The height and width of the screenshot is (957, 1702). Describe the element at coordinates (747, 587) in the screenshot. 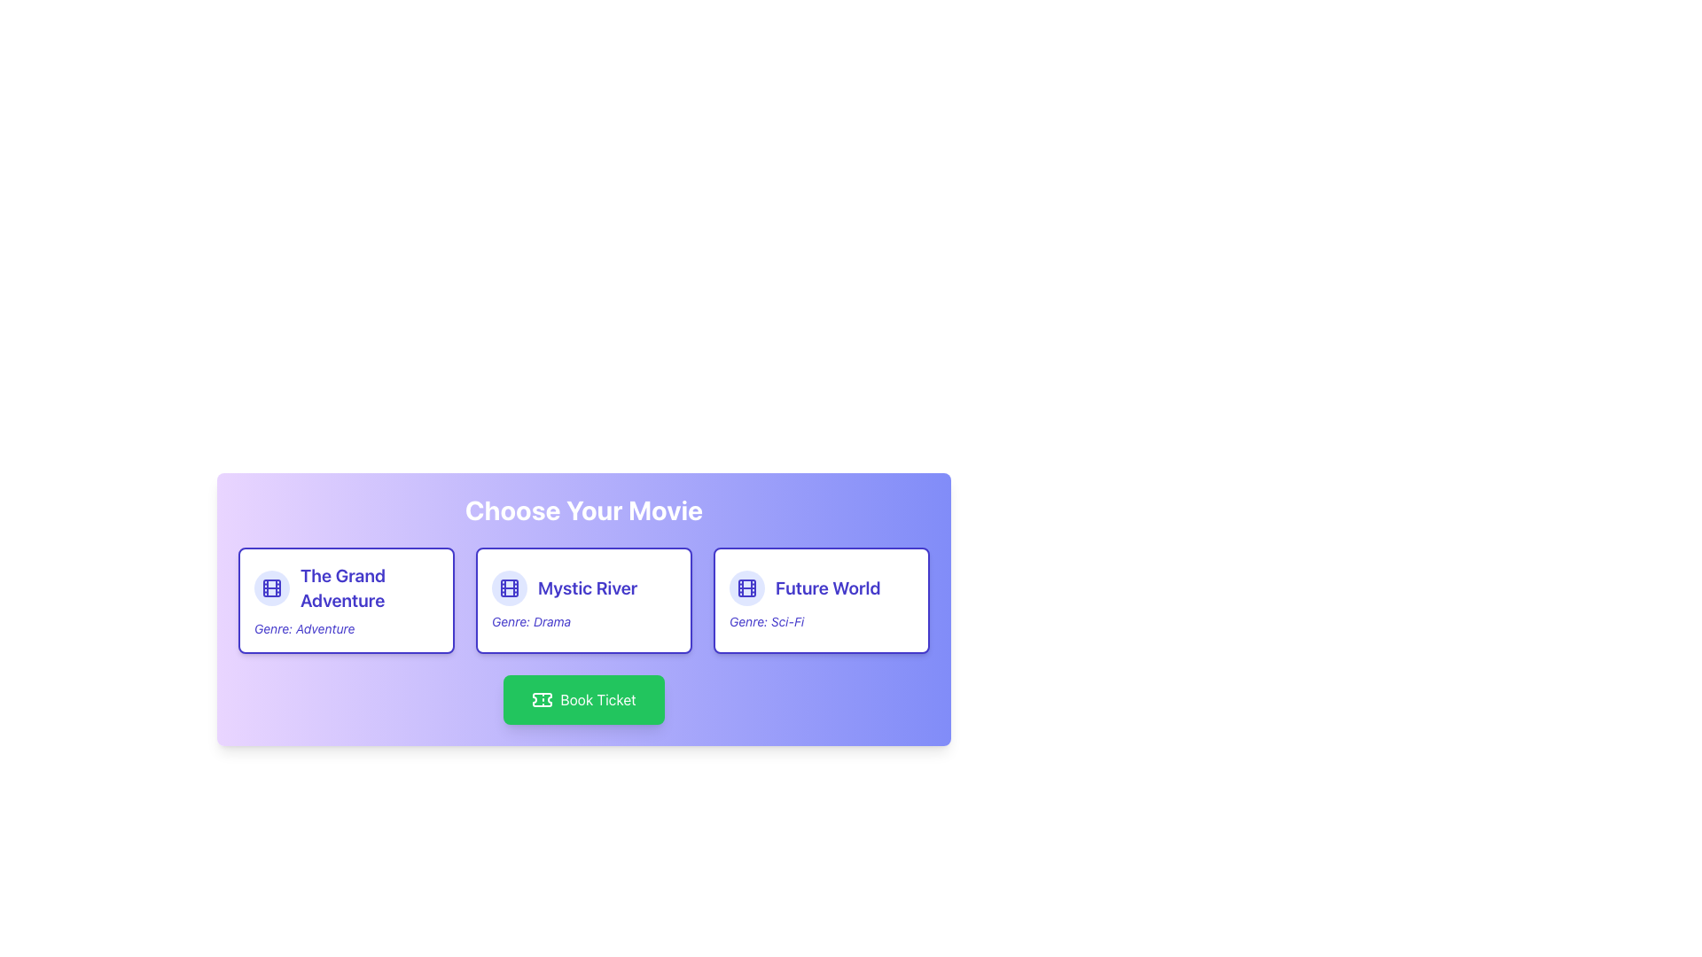

I see `the decorative element of the movie reel icon located under the 'Choose Your Movie' section, specifically the top-left rectangular part associated with the 'Future World' selection` at that location.